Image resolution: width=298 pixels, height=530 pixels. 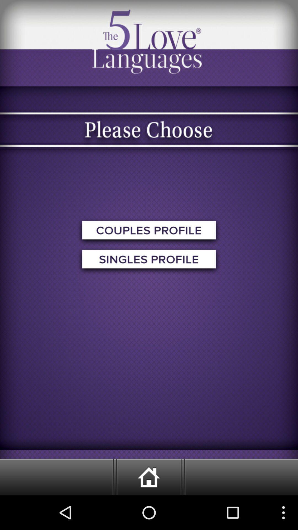 What do you see at coordinates (149, 261) in the screenshot?
I see `open singles profile` at bounding box center [149, 261].